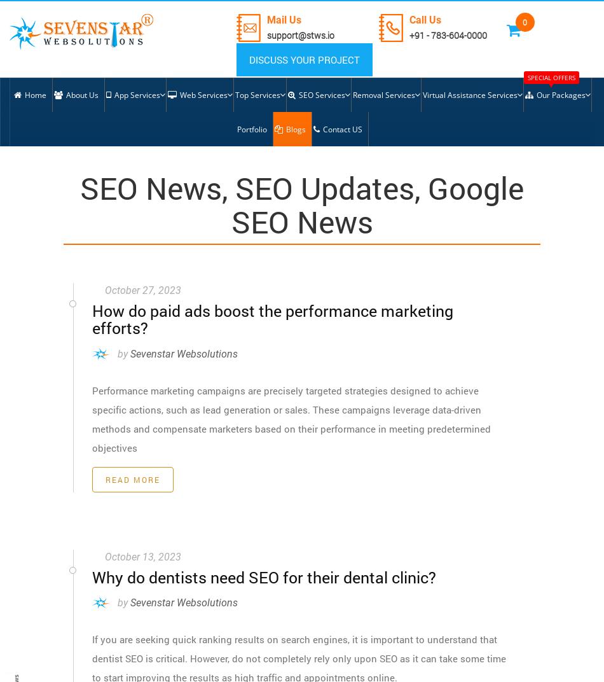 The image size is (604, 682). Describe the element at coordinates (256, 94) in the screenshot. I see `'Top Services'` at that location.